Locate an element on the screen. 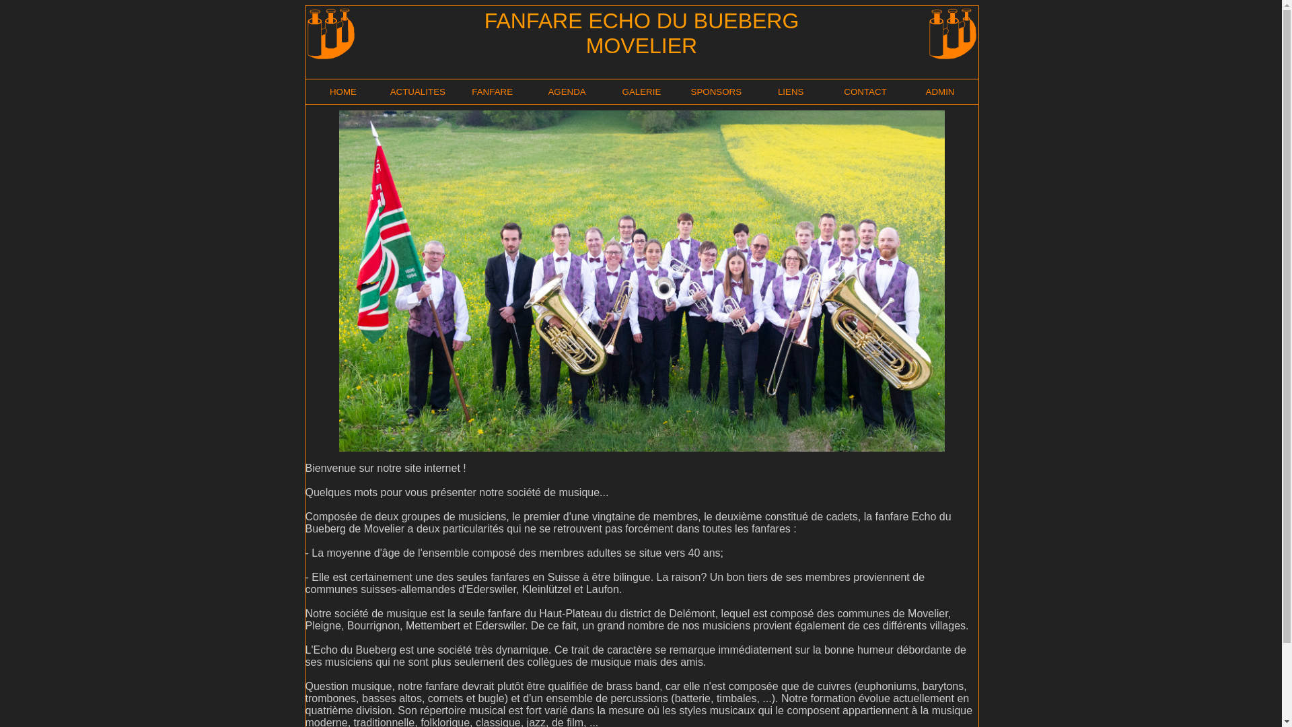 The height and width of the screenshot is (727, 1292). 'ACTUALITES' is located at coordinates (390, 91).